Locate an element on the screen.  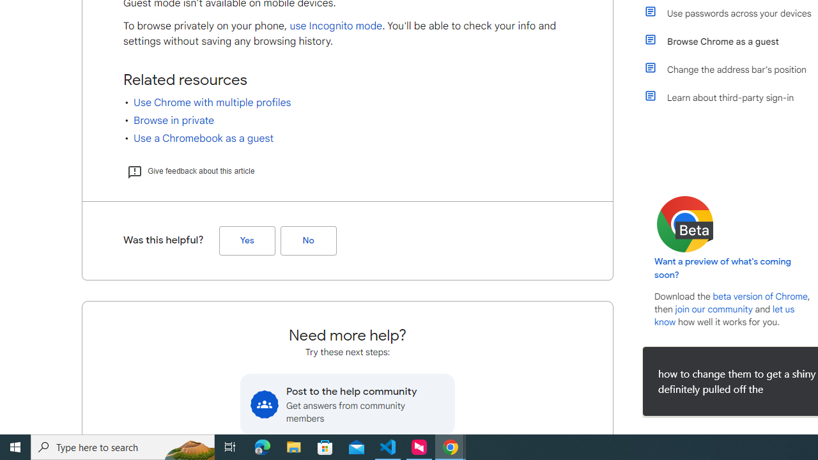
'No (Was this helpful?)' is located at coordinates (308, 241).